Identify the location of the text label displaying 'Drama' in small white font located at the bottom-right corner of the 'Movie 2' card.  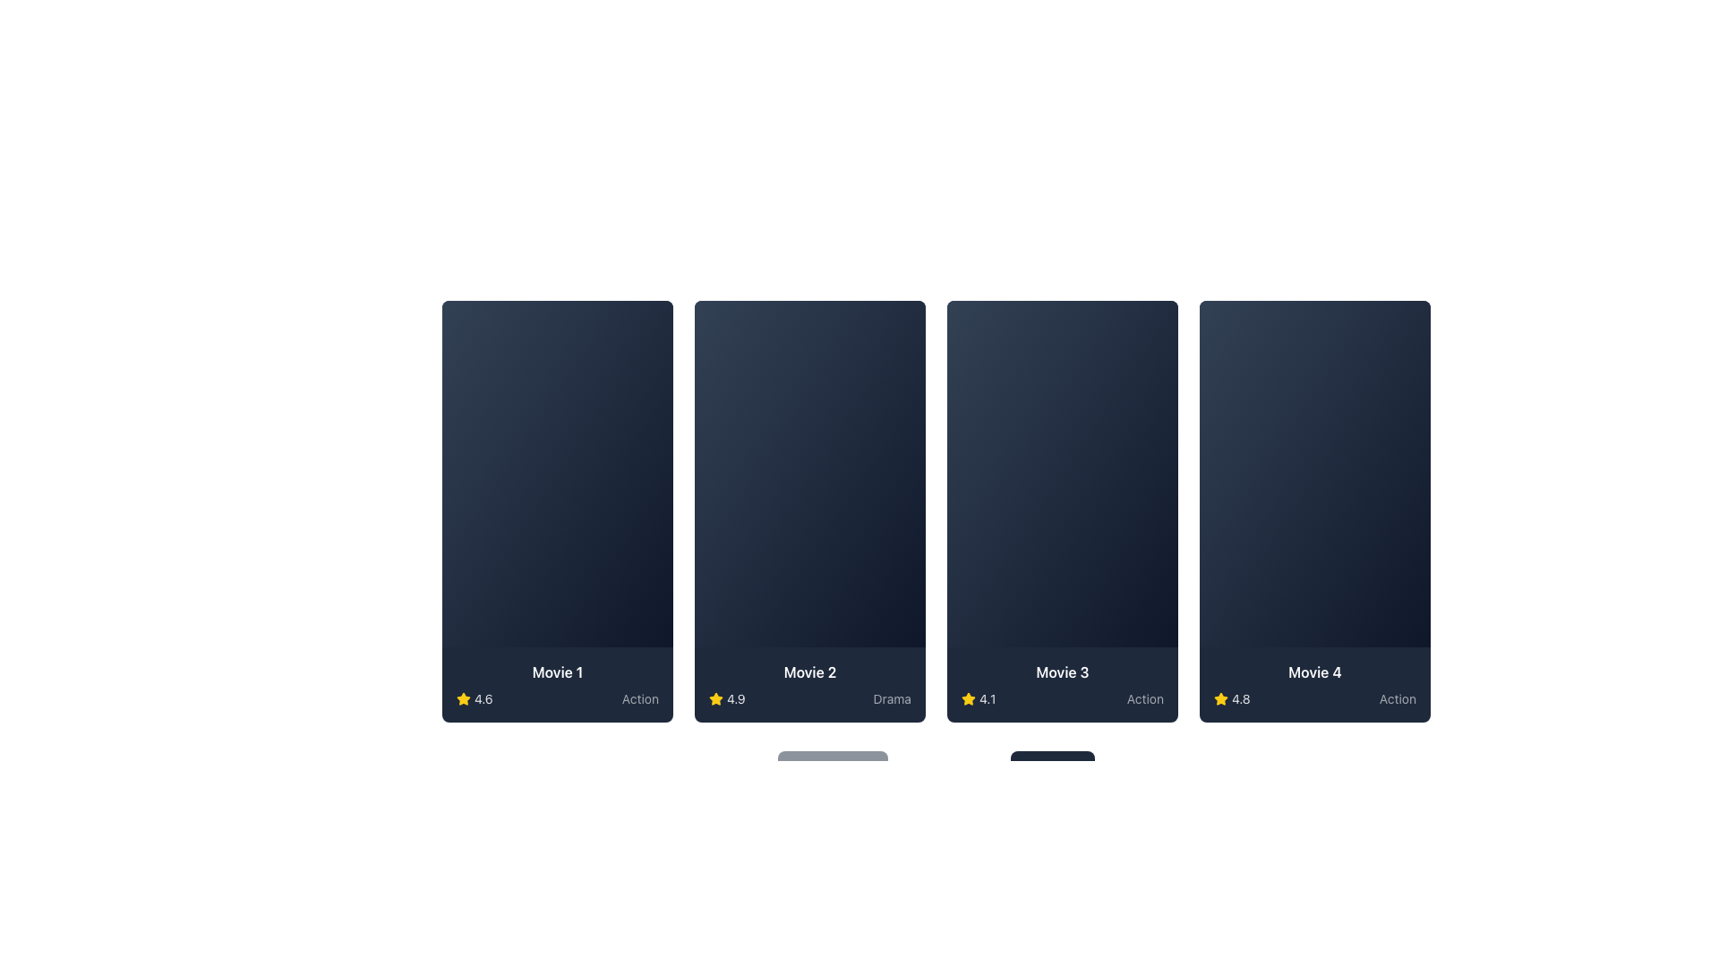
(892, 697).